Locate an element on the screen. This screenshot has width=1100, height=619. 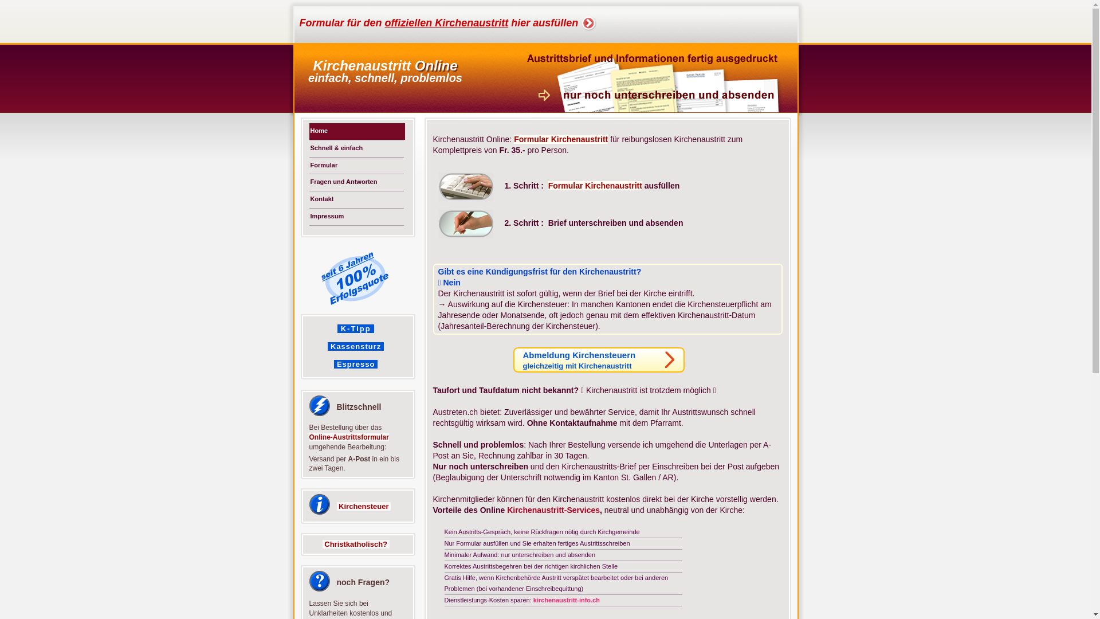
' Kirchensteuer ' is located at coordinates (363, 506).